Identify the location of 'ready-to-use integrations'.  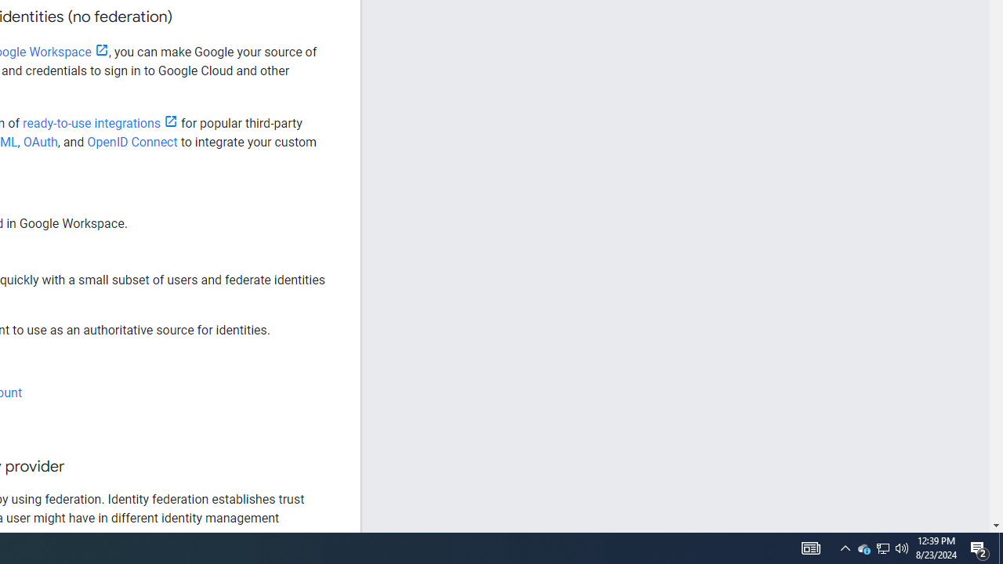
(100, 122).